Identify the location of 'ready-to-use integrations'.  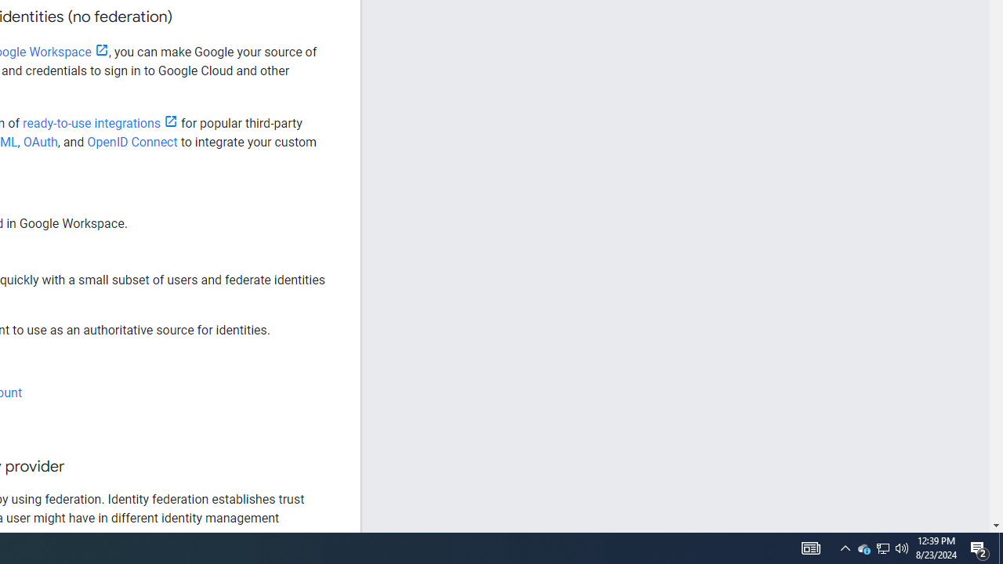
(100, 122).